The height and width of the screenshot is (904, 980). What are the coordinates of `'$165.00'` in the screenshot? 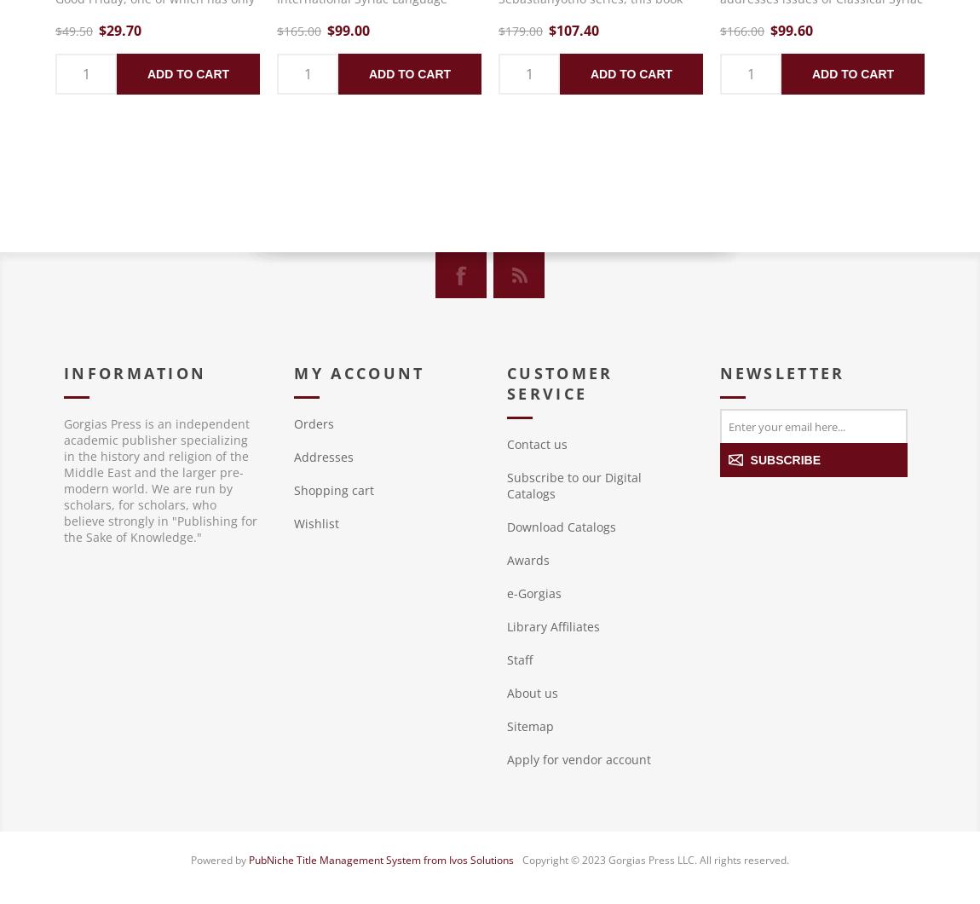 It's located at (298, 31).